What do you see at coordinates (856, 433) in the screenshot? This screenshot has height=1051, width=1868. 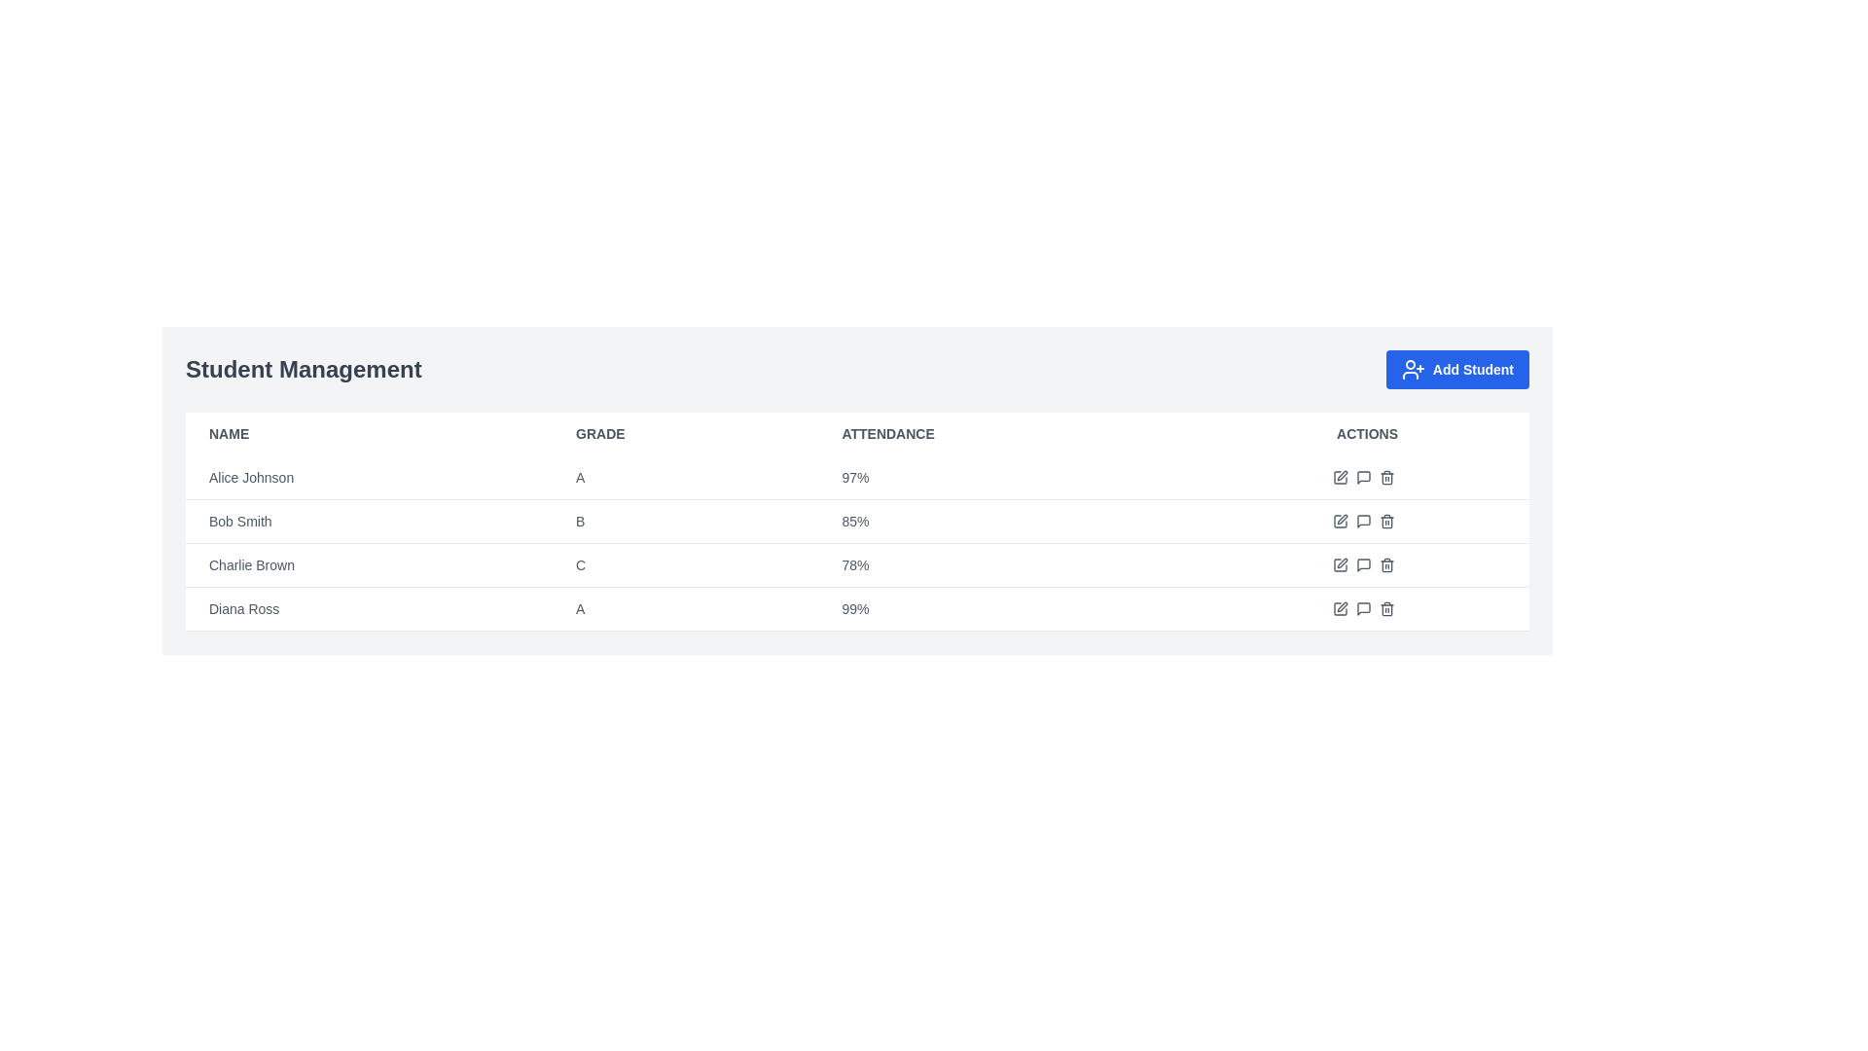 I see `the Table Header Row that labels the columns for user data such as name, grade, attendance, and actions` at bounding box center [856, 433].